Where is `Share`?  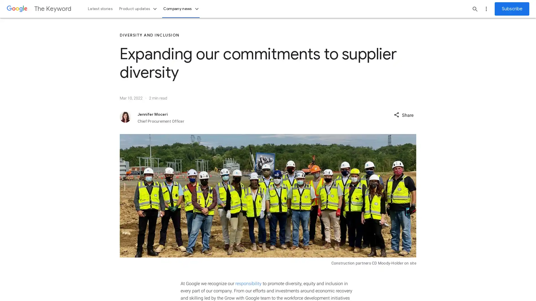 Share is located at coordinates (403, 114).